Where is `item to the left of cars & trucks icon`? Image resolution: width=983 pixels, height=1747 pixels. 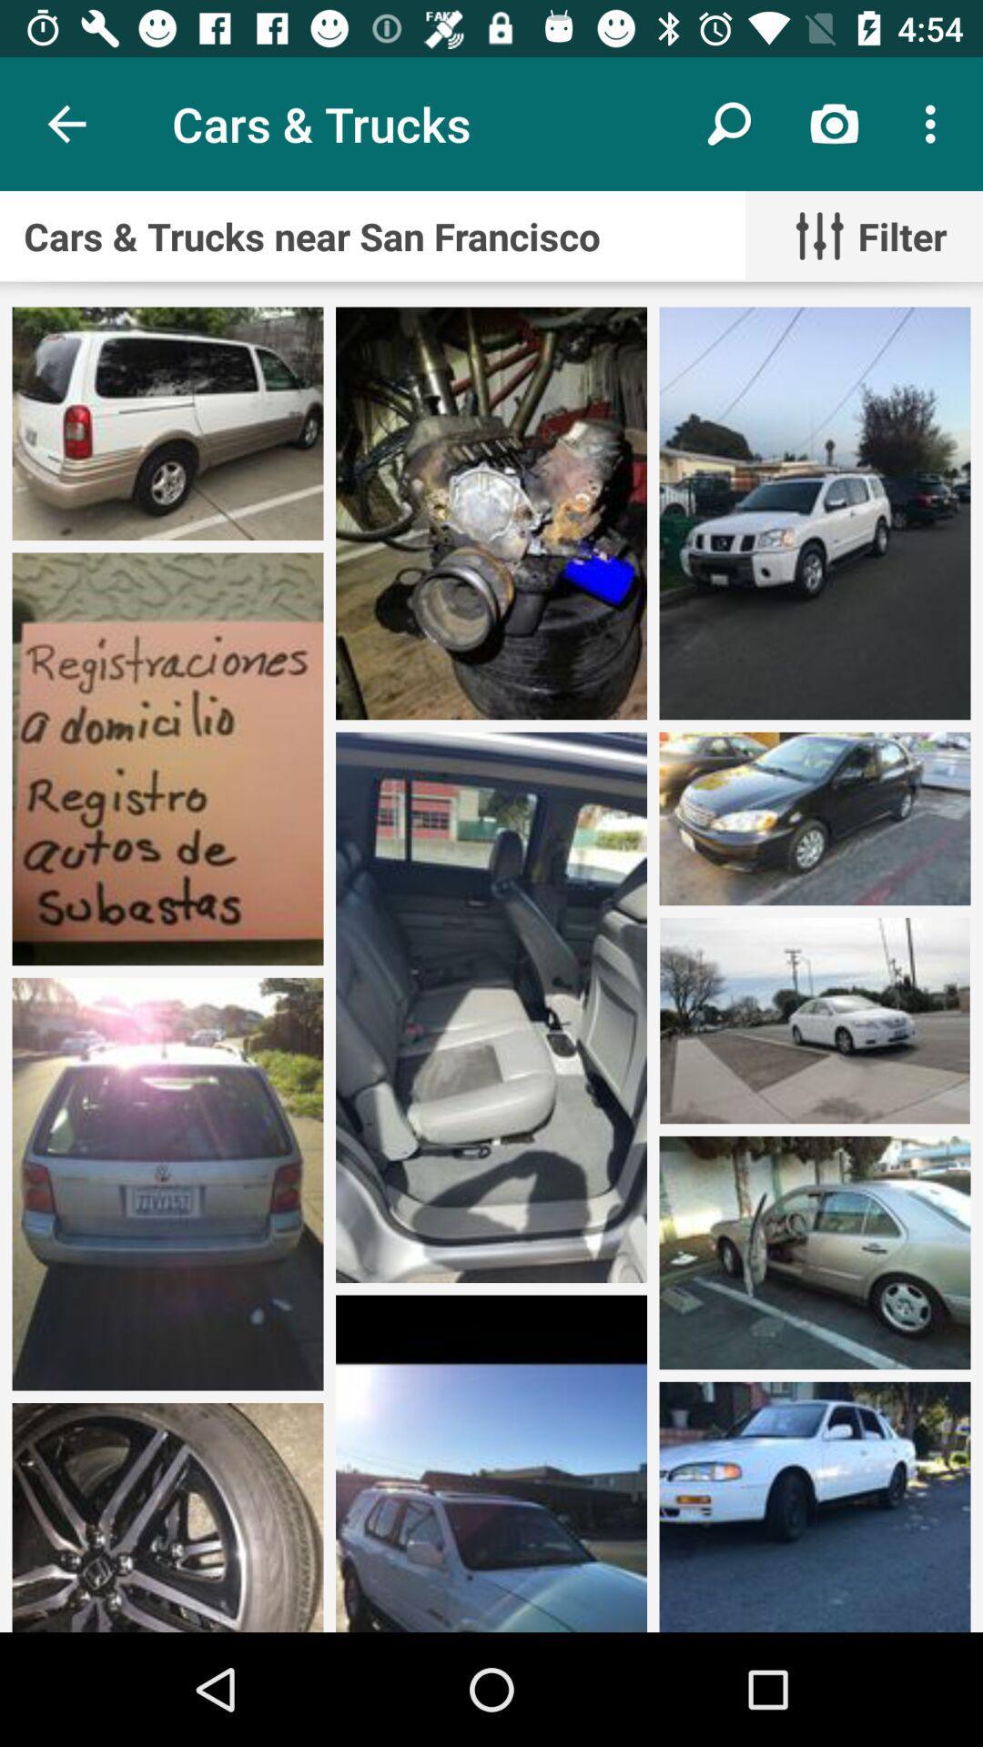 item to the left of cars & trucks icon is located at coordinates (66, 123).